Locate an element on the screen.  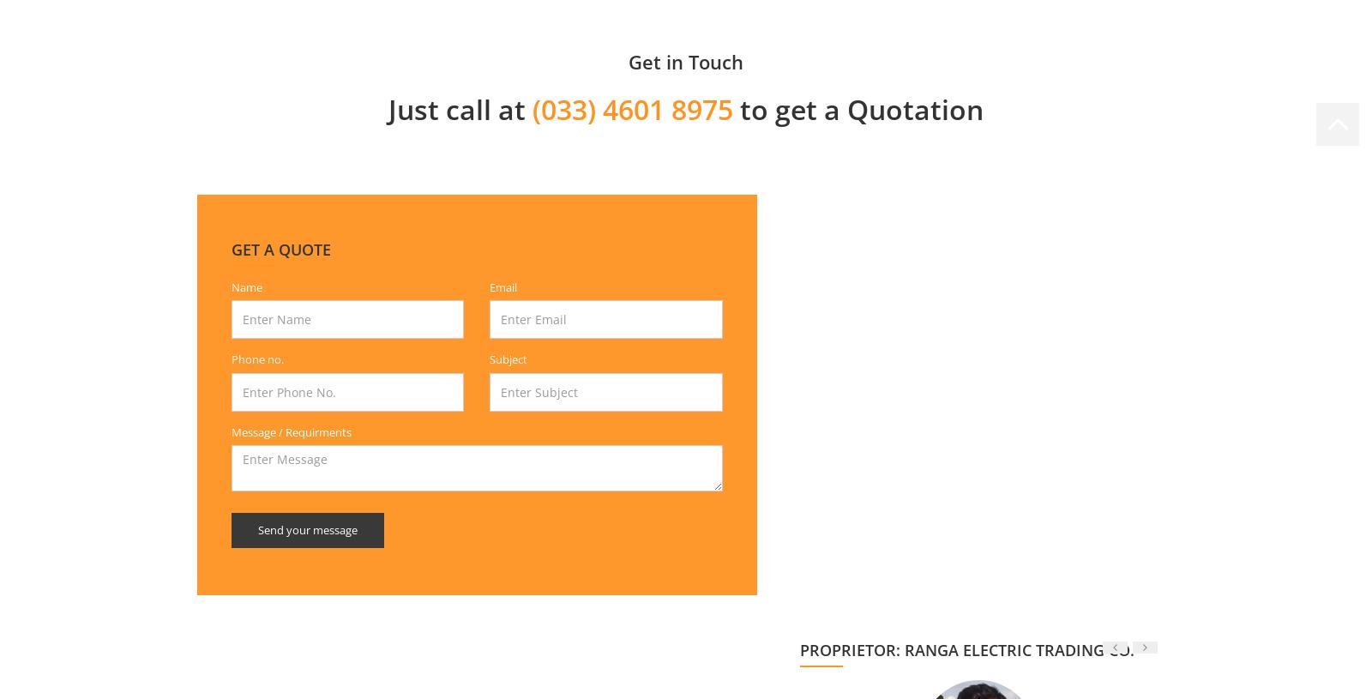
'to get a Quotation' is located at coordinates (857, 107).